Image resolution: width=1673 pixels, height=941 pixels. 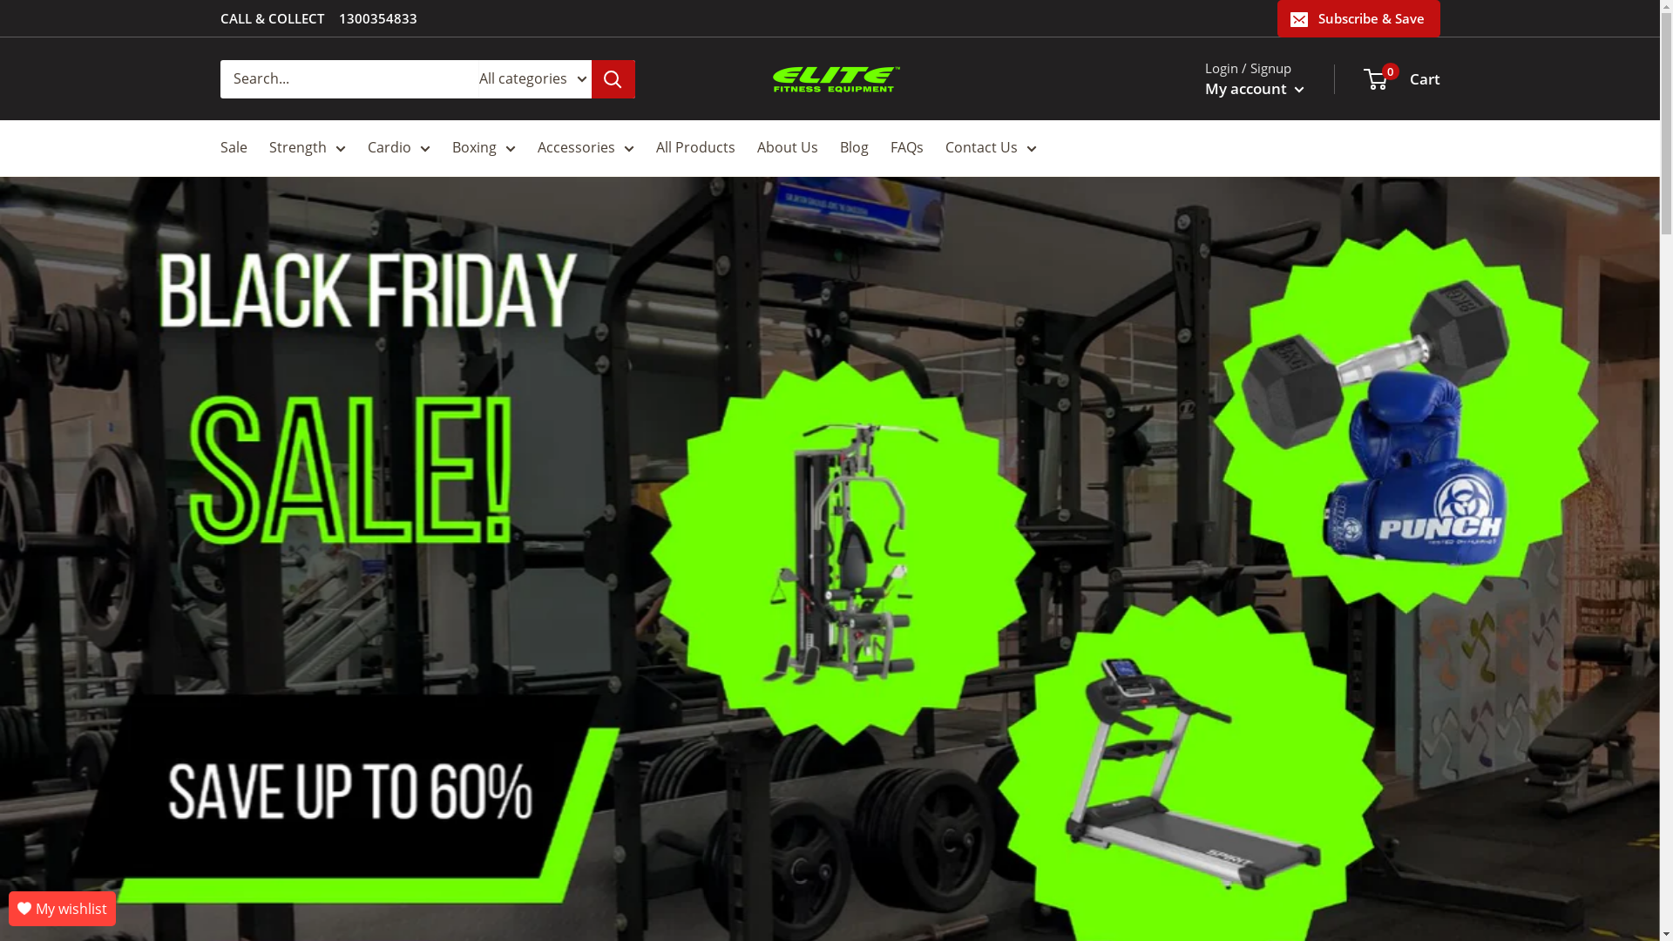 I want to click on 'Strength', so click(x=306, y=146).